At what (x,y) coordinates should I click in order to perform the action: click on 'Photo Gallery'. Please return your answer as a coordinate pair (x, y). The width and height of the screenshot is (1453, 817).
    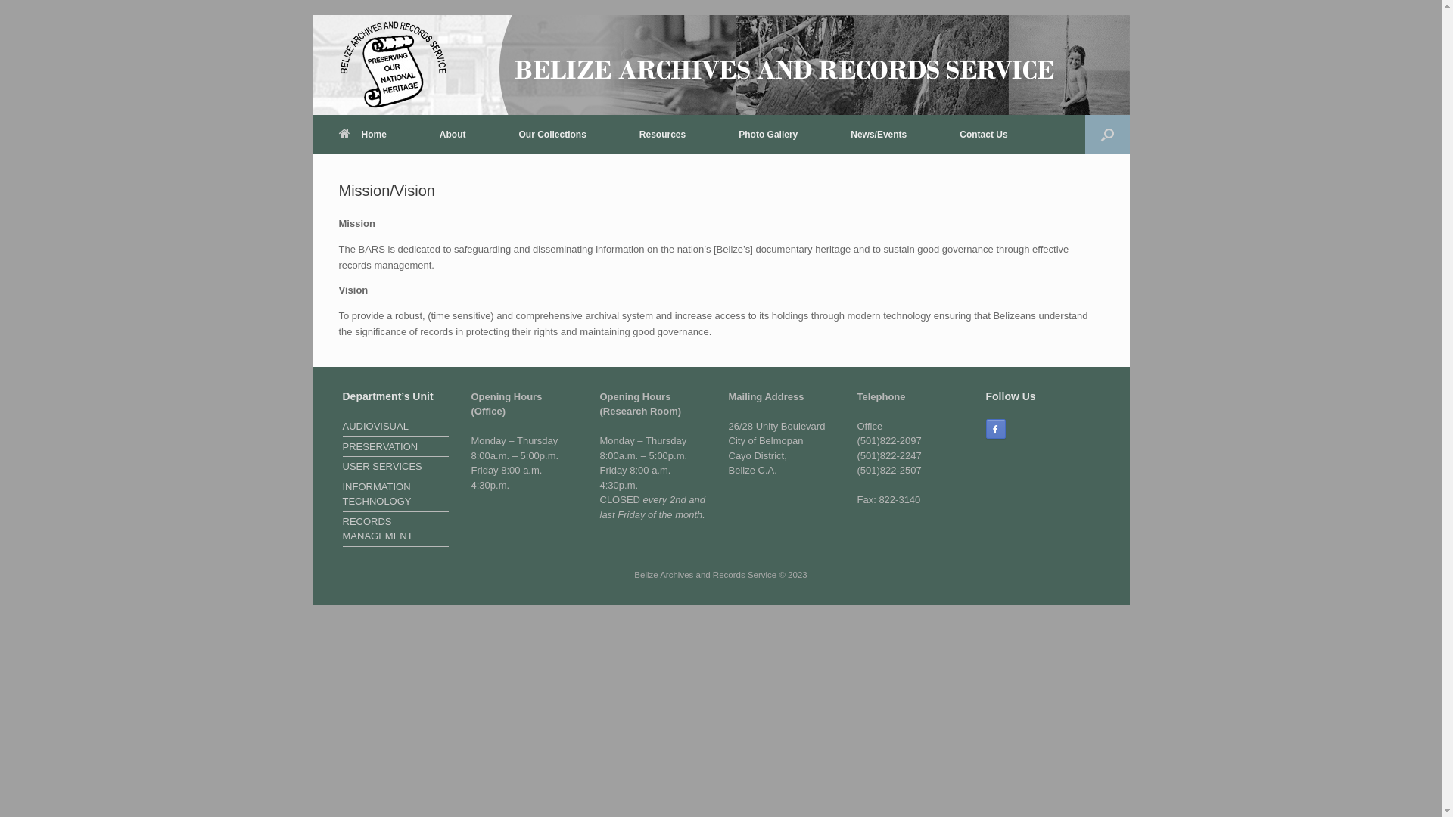
    Looking at the image, I should click on (767, 133).